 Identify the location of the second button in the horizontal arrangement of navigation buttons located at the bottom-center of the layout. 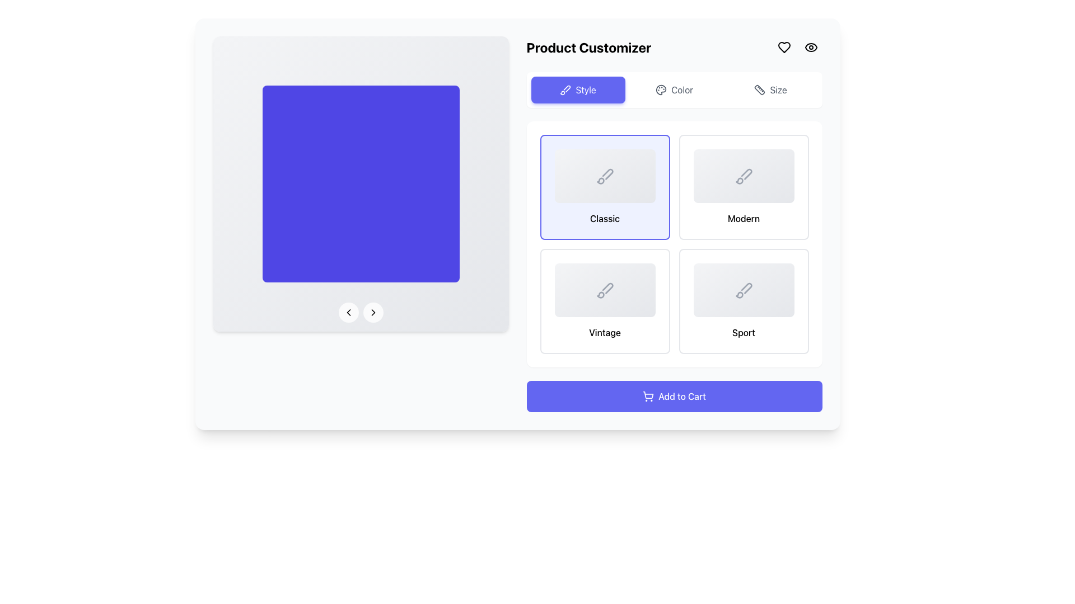
(373, 313).